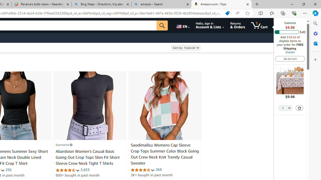  Describe the element at coordinates (158, 169) in the screenshot. I see `'268'` at that location.